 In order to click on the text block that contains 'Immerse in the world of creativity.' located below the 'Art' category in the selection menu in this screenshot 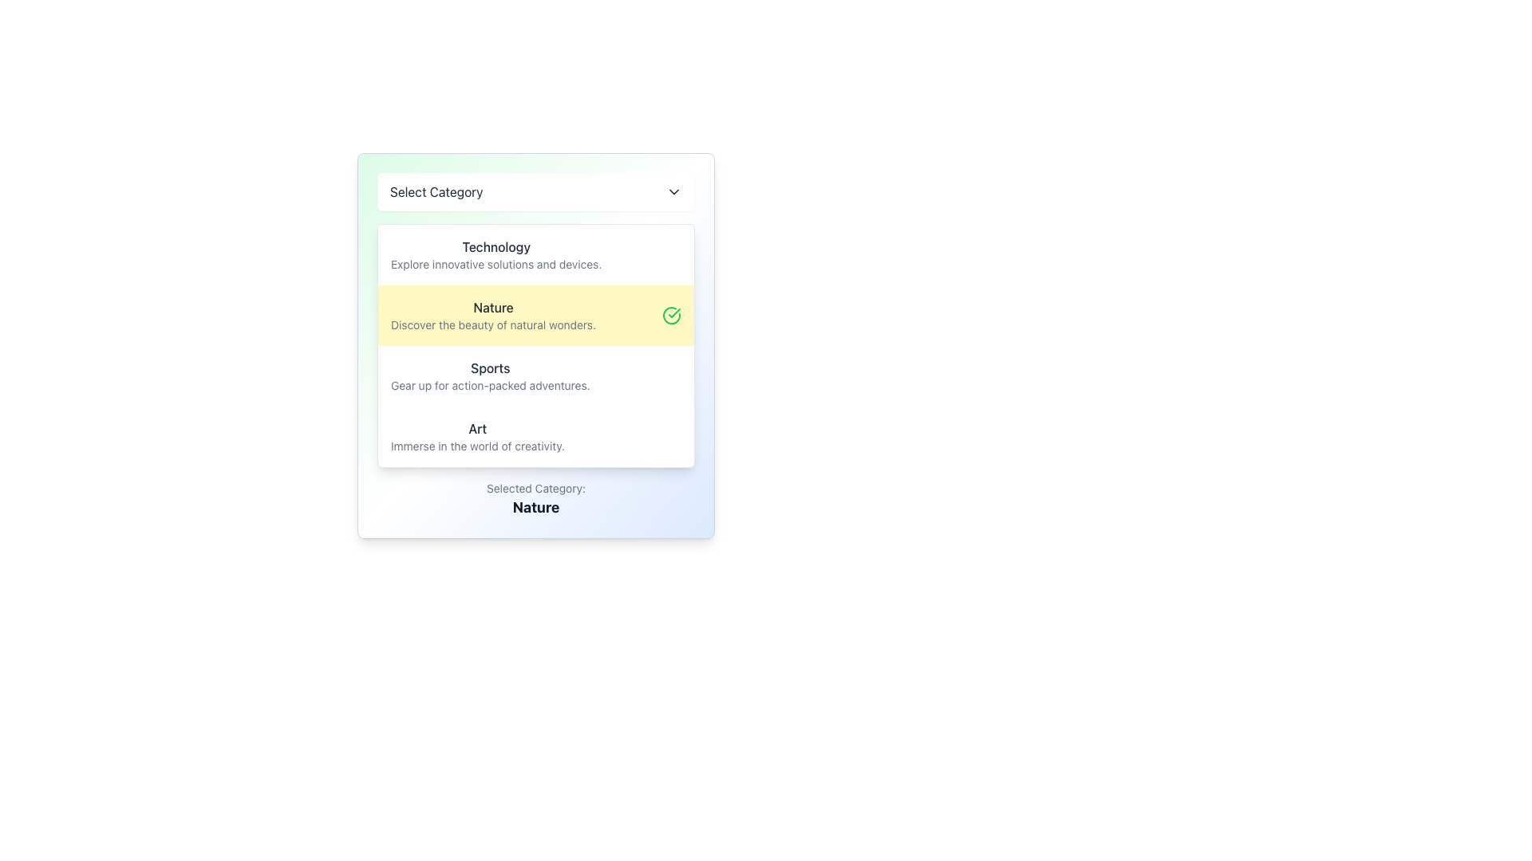, I will do `click(476, 446)`.